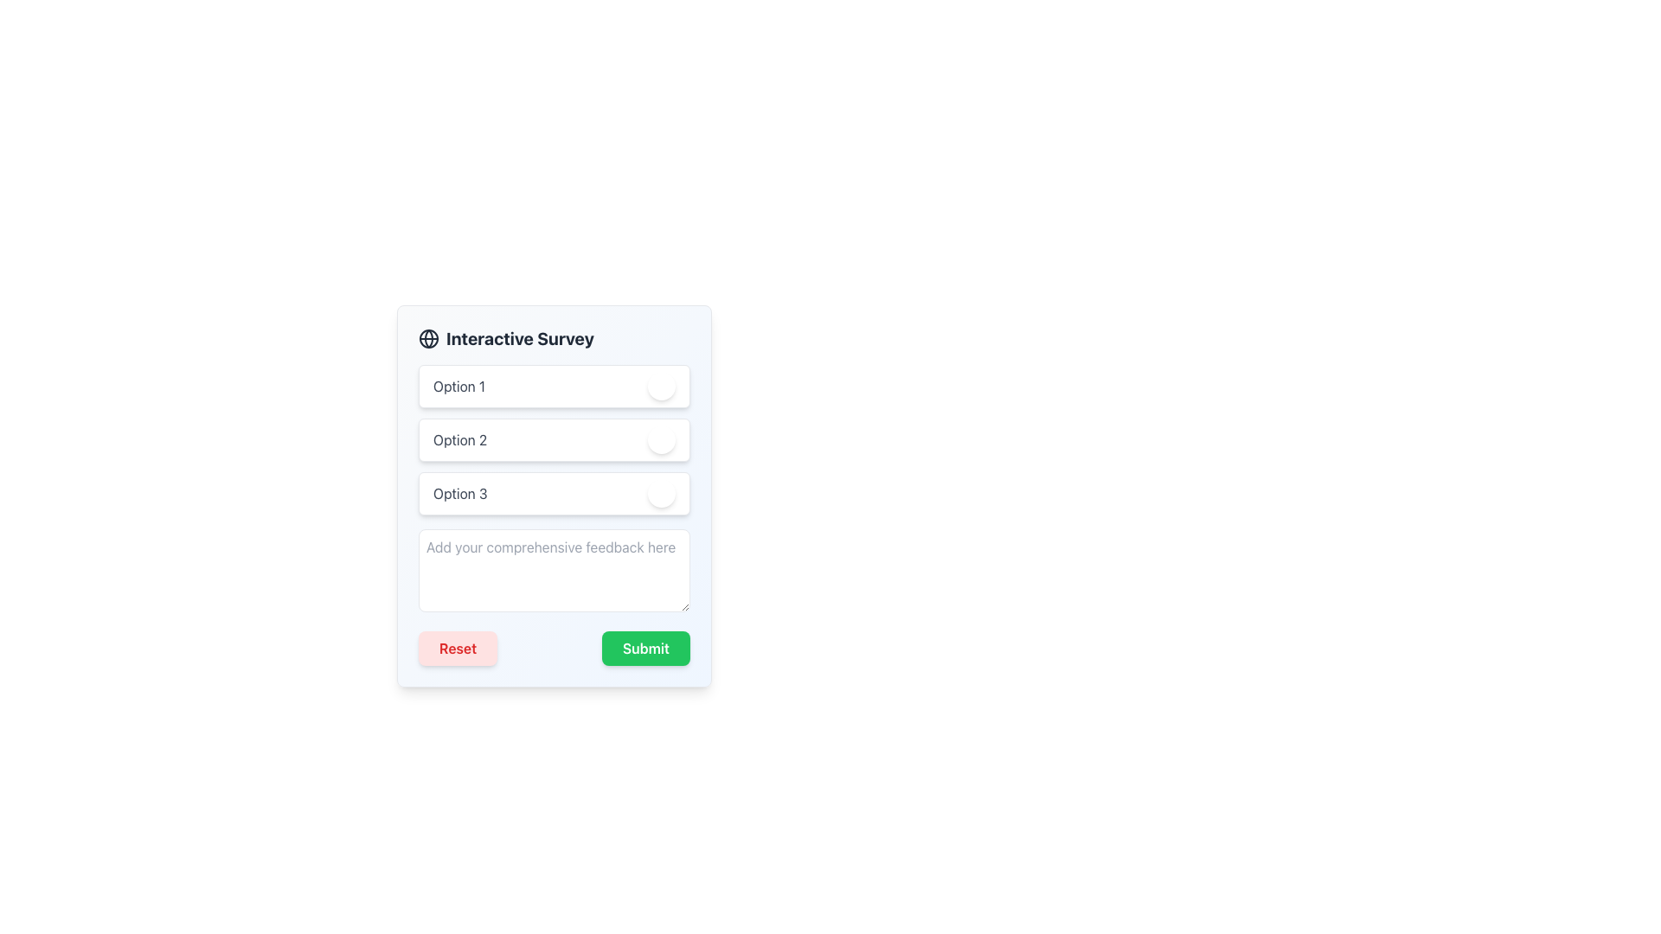 This screenshot has height=934, width=1661. Describe the element at coordinates (460, 493) in the screenshot. I see `the text label displaying 'Option 3', which is the third item in a vertical list of options in a survey interface` at that location.